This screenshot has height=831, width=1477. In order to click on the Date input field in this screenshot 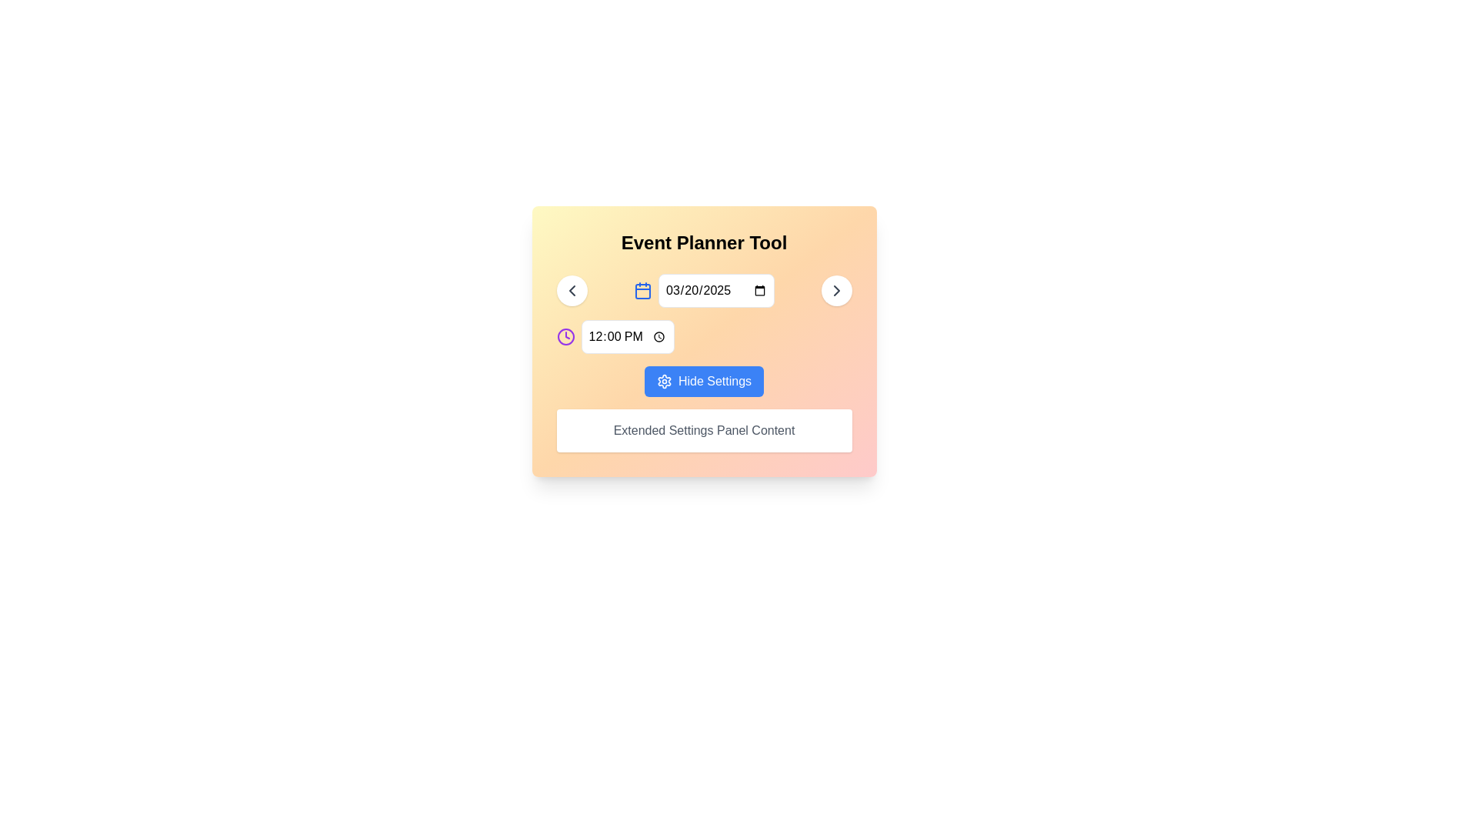, I will do `click(715, 291)`.